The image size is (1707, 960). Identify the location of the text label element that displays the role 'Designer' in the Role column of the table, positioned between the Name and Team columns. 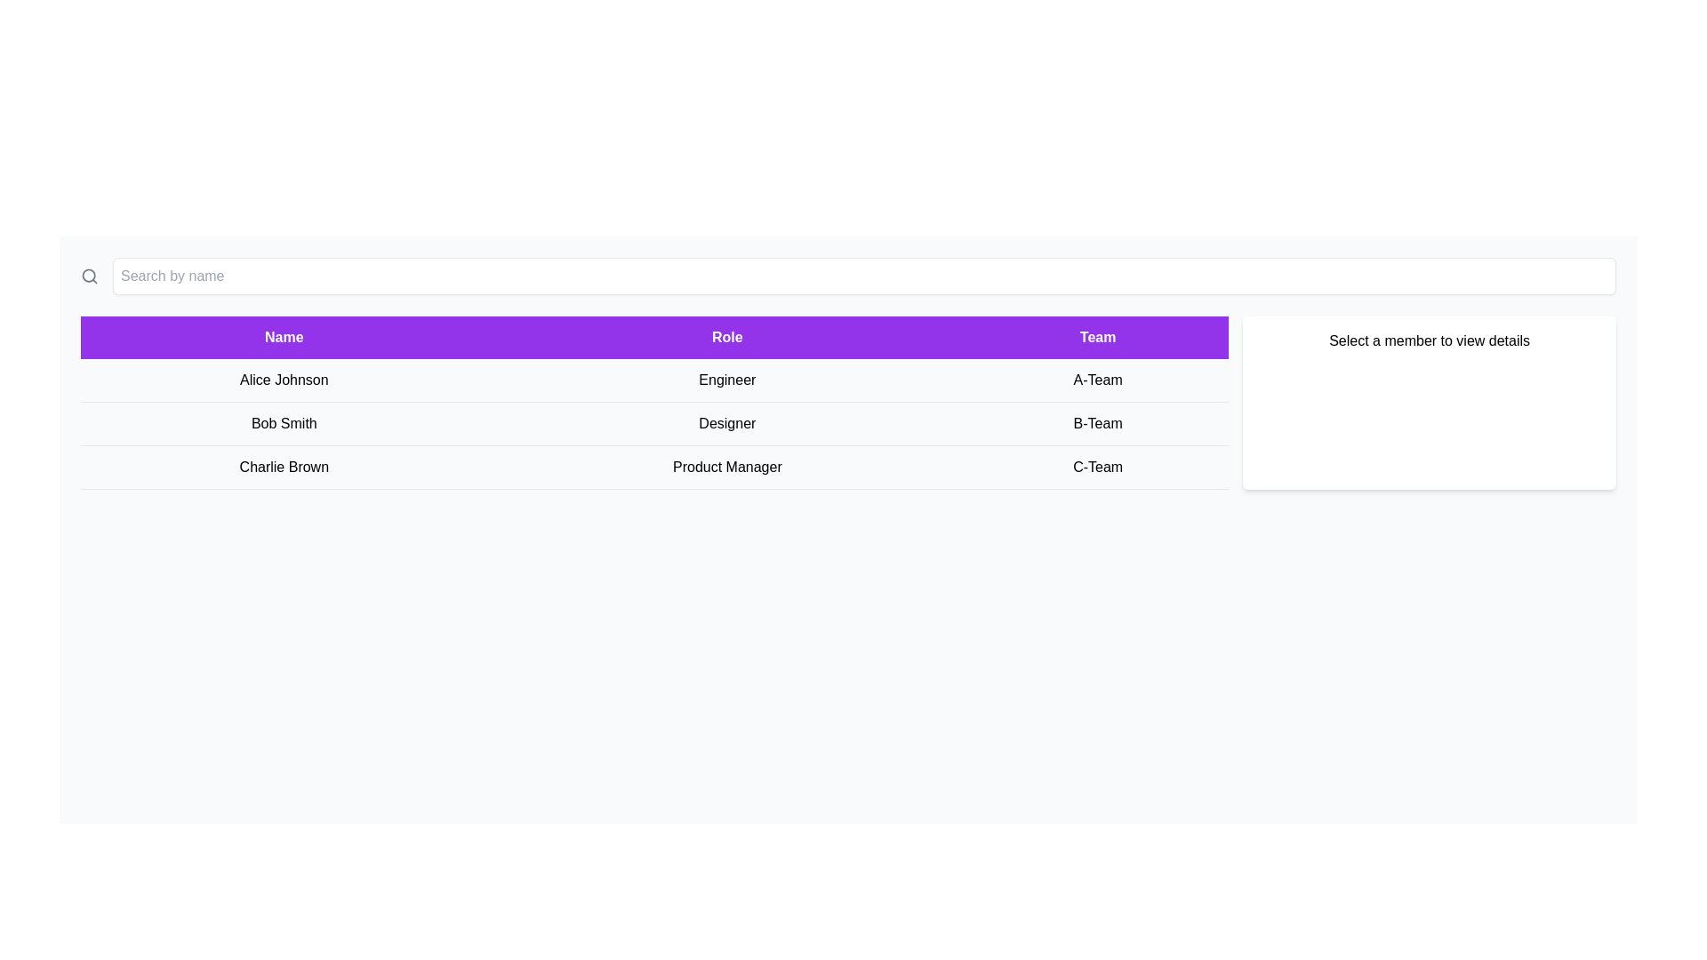
(727, 424).